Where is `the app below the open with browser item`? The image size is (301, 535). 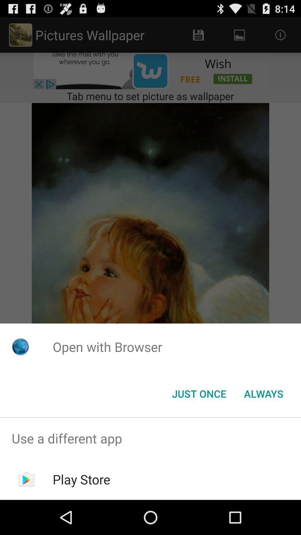
the app below the open with browser item is located at coordinates (199, 393).